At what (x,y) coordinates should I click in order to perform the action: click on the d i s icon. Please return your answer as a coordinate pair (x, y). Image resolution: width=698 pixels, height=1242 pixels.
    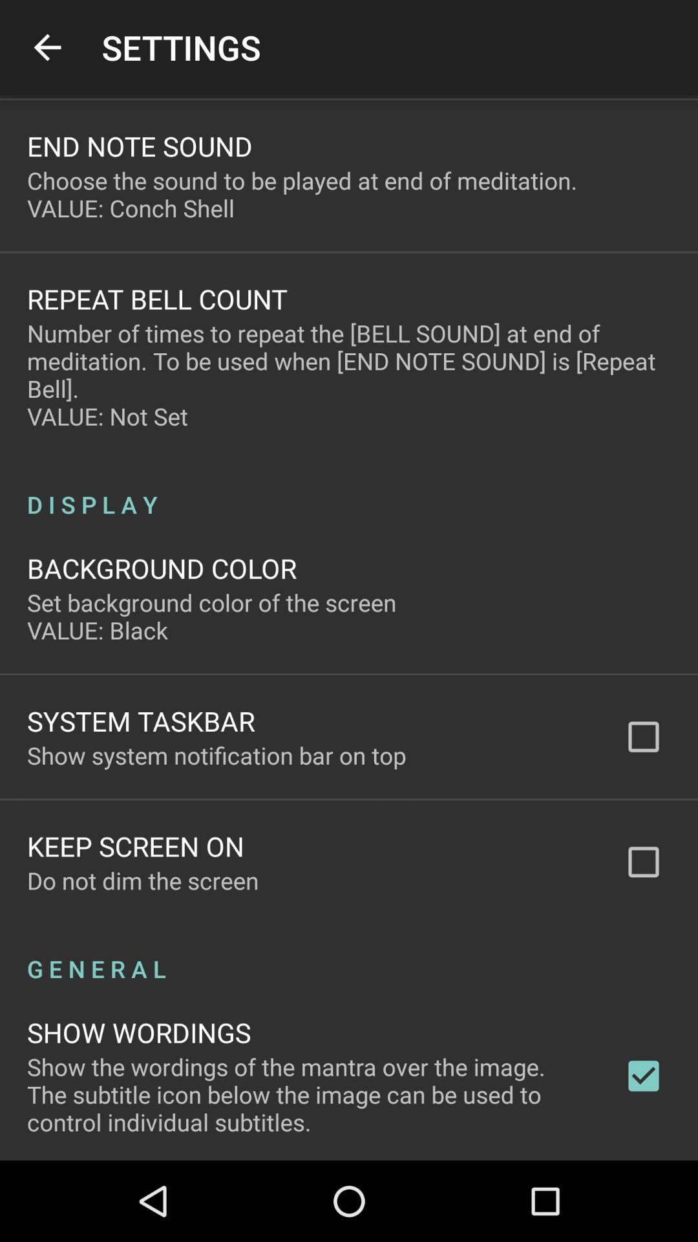
    Looking at the image, I should click on (349, 490).